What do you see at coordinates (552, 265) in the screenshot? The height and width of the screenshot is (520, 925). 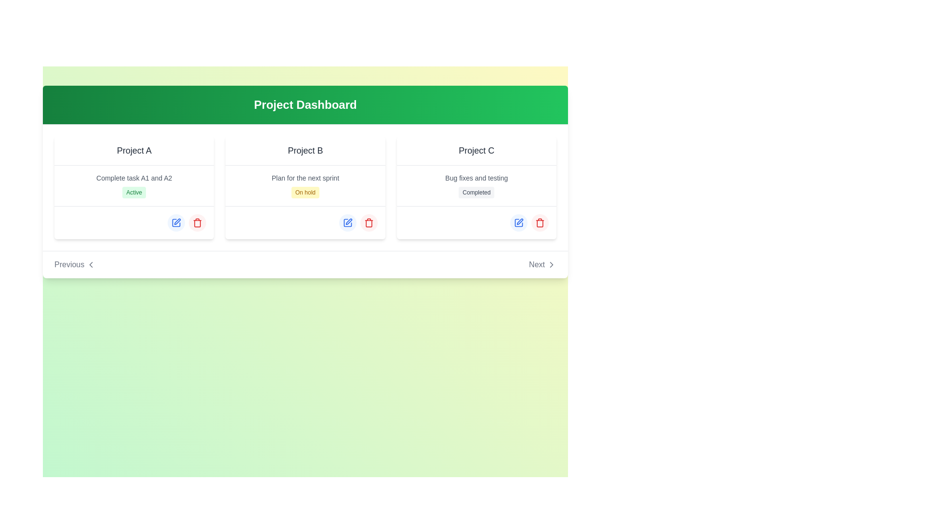 I see `the right-facing chevron icon located to the right of the 'Next' text label in the navigation row` at bounding box center [552, 265].